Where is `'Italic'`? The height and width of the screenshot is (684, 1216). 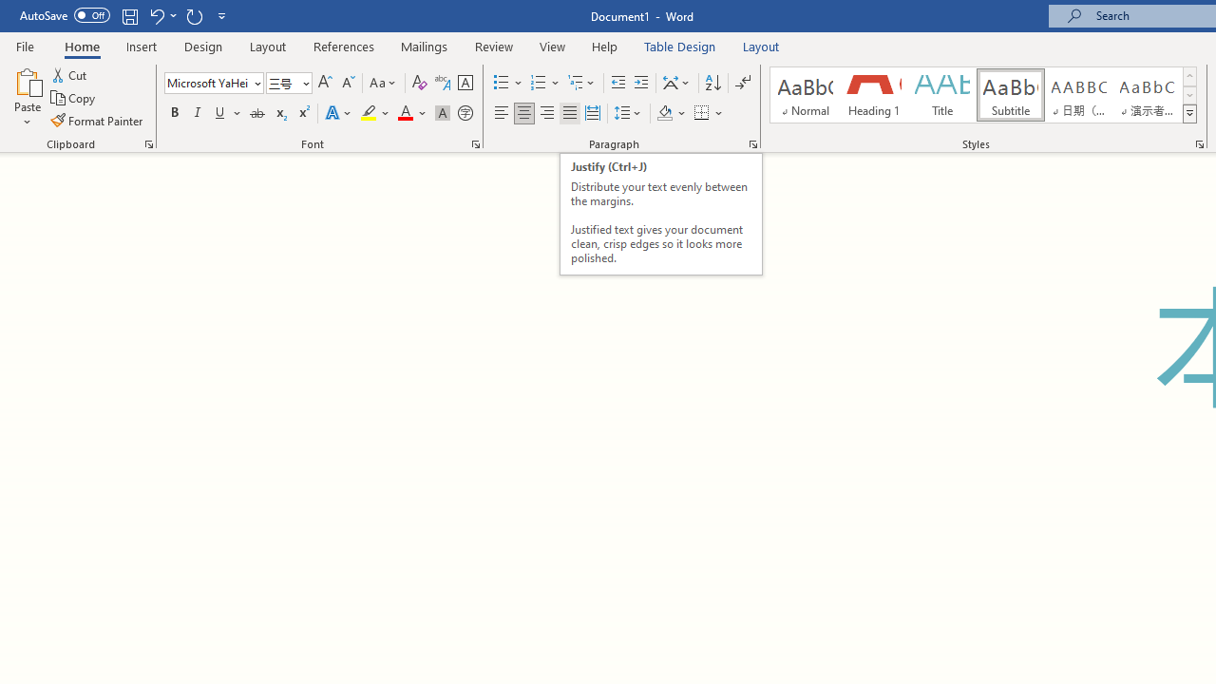 'Italic' is located at coordinates (198, 113).